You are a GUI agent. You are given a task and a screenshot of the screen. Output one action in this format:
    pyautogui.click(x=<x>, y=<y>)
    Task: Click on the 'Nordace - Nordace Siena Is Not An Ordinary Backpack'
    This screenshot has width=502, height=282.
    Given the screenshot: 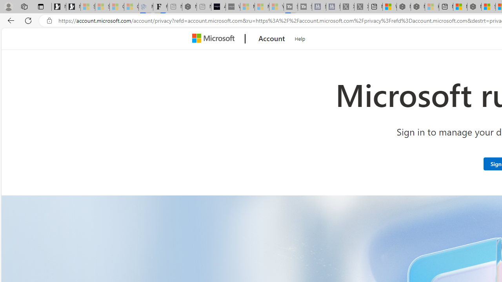 What is the action you would take?
    pyautogui.click(x=474, y=7)
    